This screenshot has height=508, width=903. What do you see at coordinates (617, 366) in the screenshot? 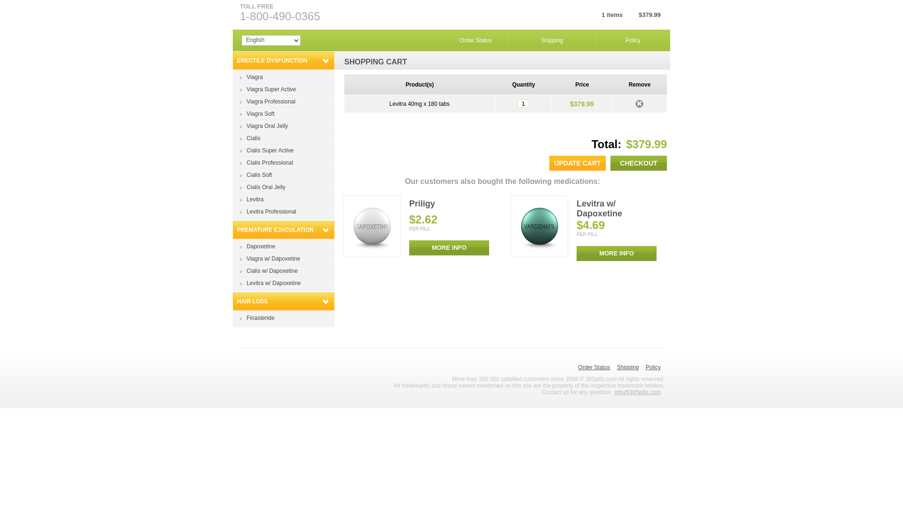
I see `'Shipping'` at bounding box center [617, 366].